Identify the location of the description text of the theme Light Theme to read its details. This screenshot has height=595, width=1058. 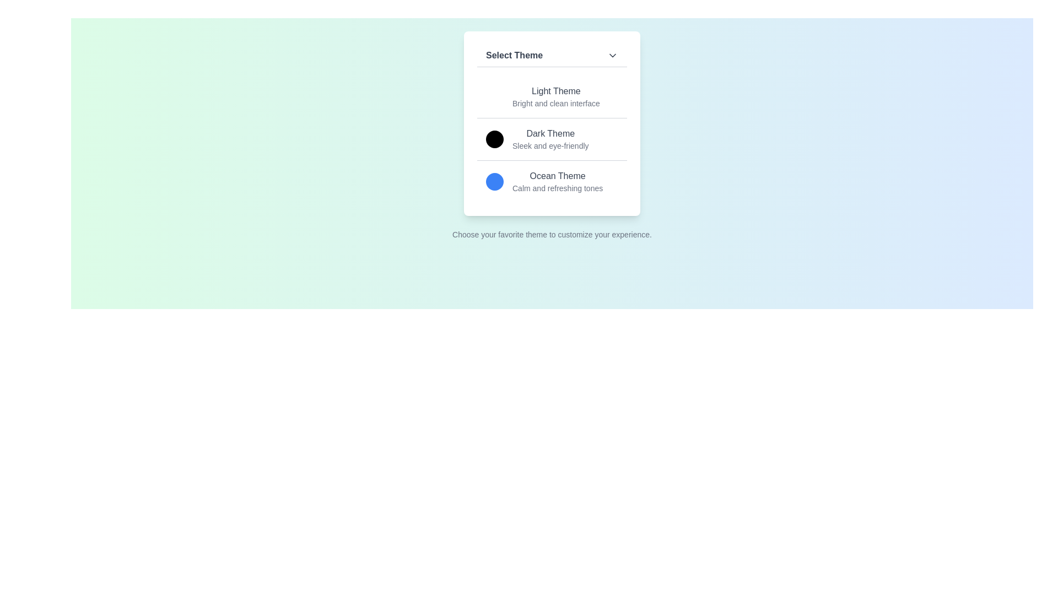
(555, 104).